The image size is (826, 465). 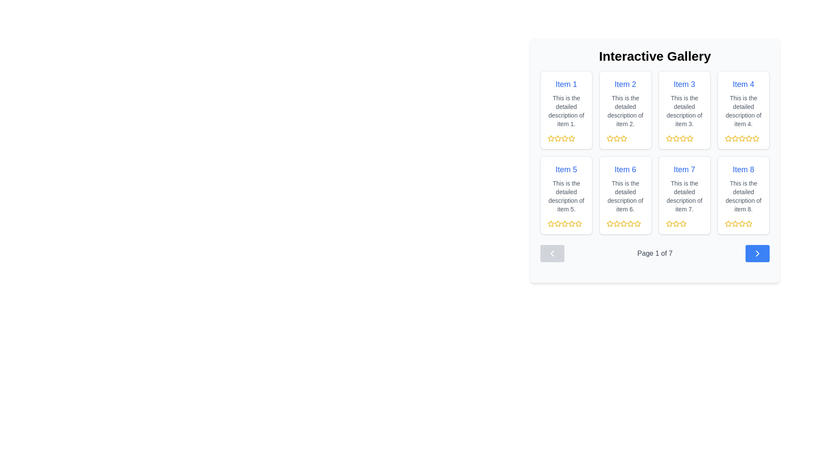 I want to click on the fourth star icon in the row of five stars for 'Item 7' for accessibility purposes, so click(x=682, y=223).